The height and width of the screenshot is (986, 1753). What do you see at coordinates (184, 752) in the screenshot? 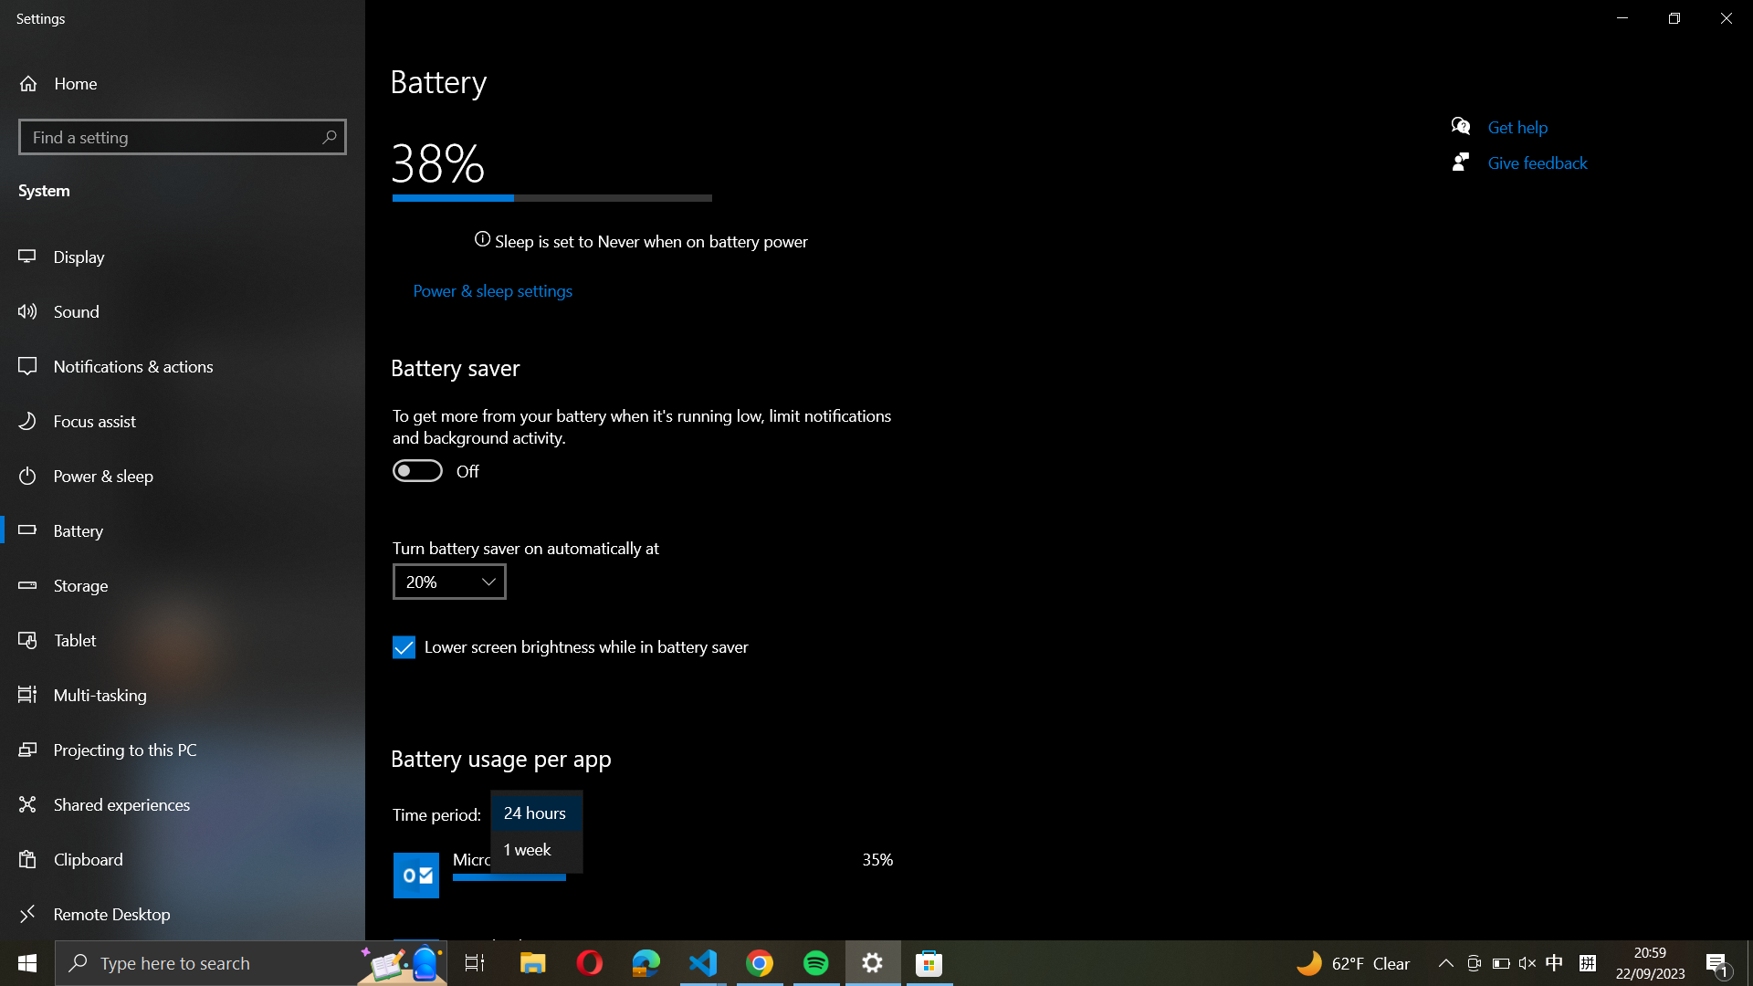
I see `"Project to this PC" from the left menu` at bounding box center [184, 752].